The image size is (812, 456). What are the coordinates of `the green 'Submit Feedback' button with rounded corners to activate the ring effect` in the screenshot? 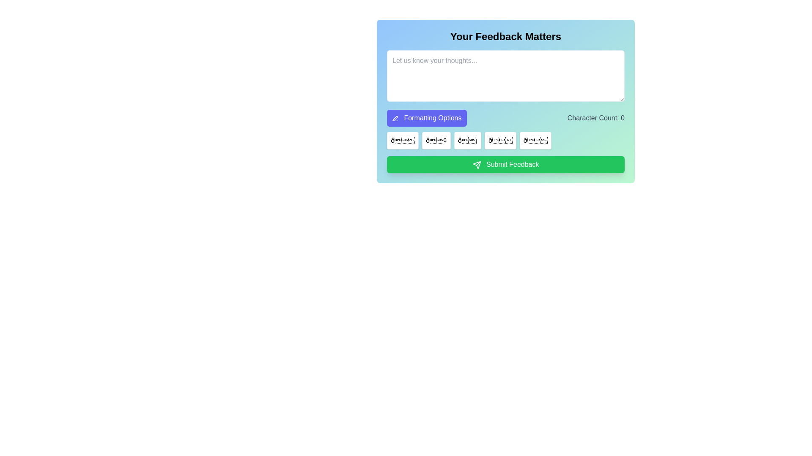 It's located at (505, 164).